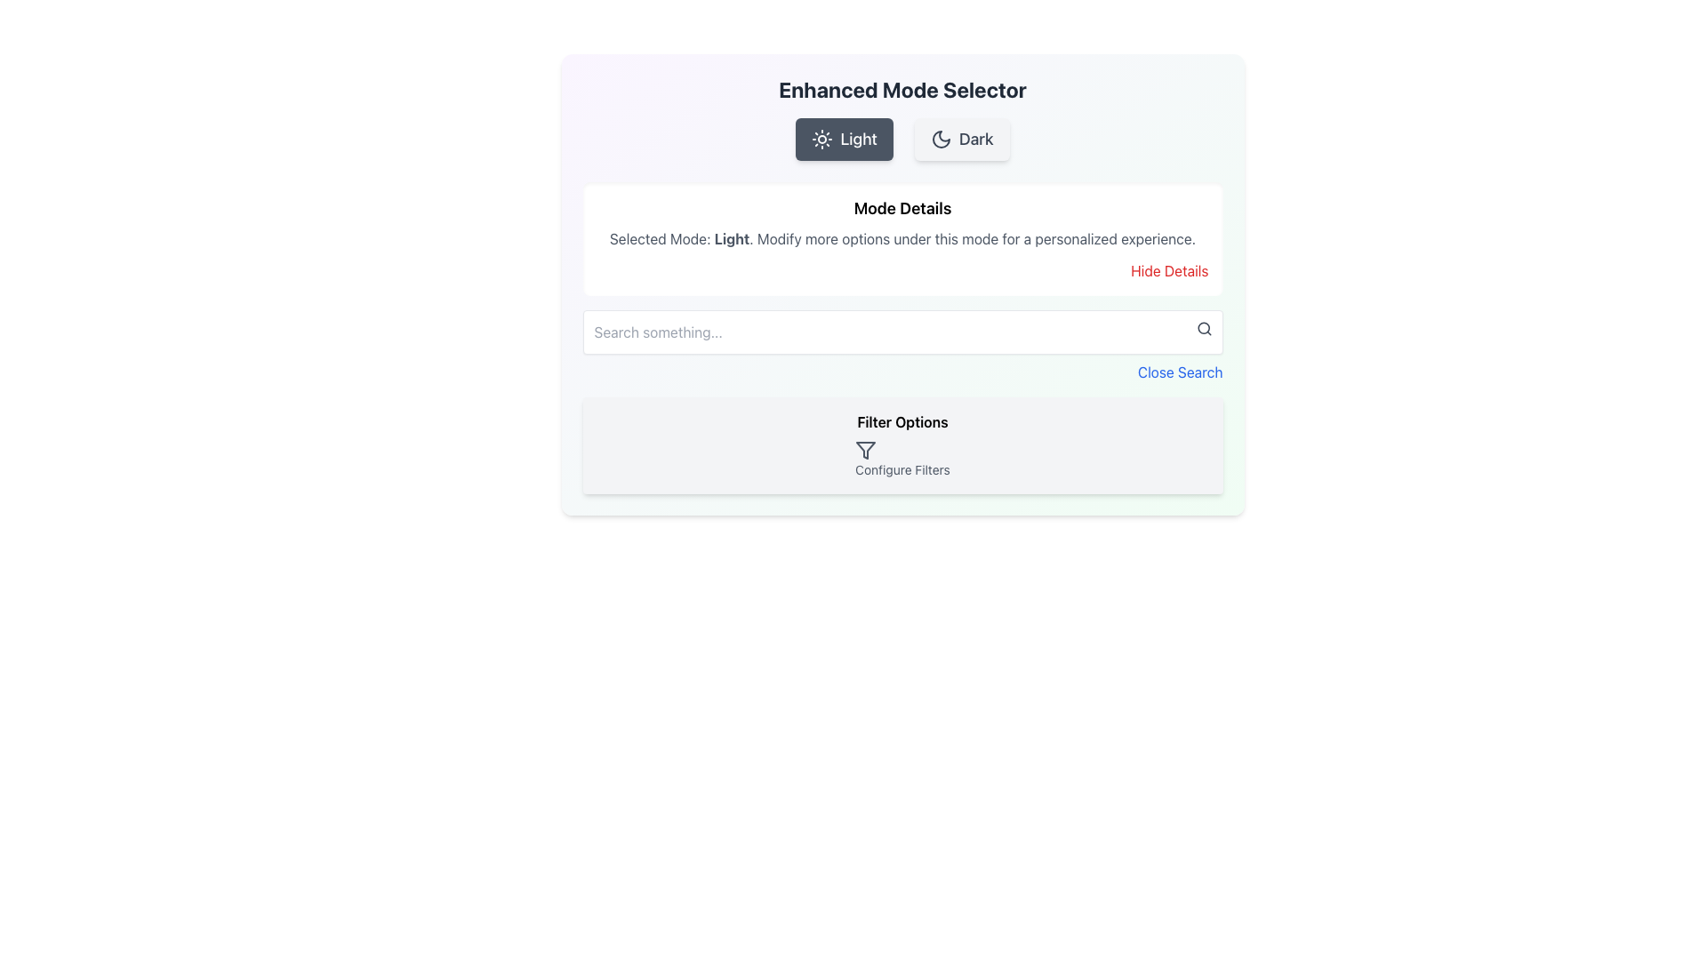 The width and height of the screenshot is (1707, 960). What do you see at coordinates (866, 449) in the screenshot?
I see `the filter icon, which is located to the left of the text 'Configure Filters' in the 'Filter Options' section of the interface` at bounding box center [866, 449].